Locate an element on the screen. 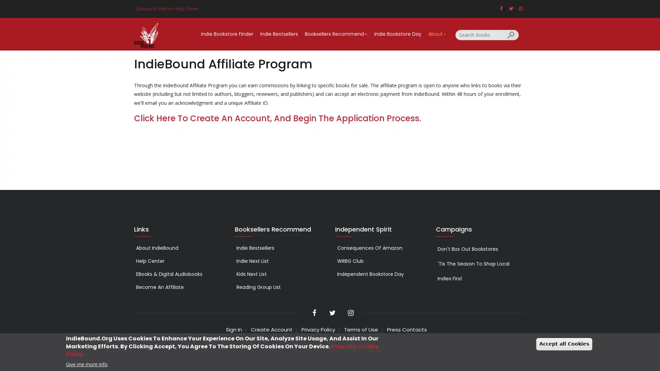 The image size is (660, 371). Search is located at coordinates (511, 34).